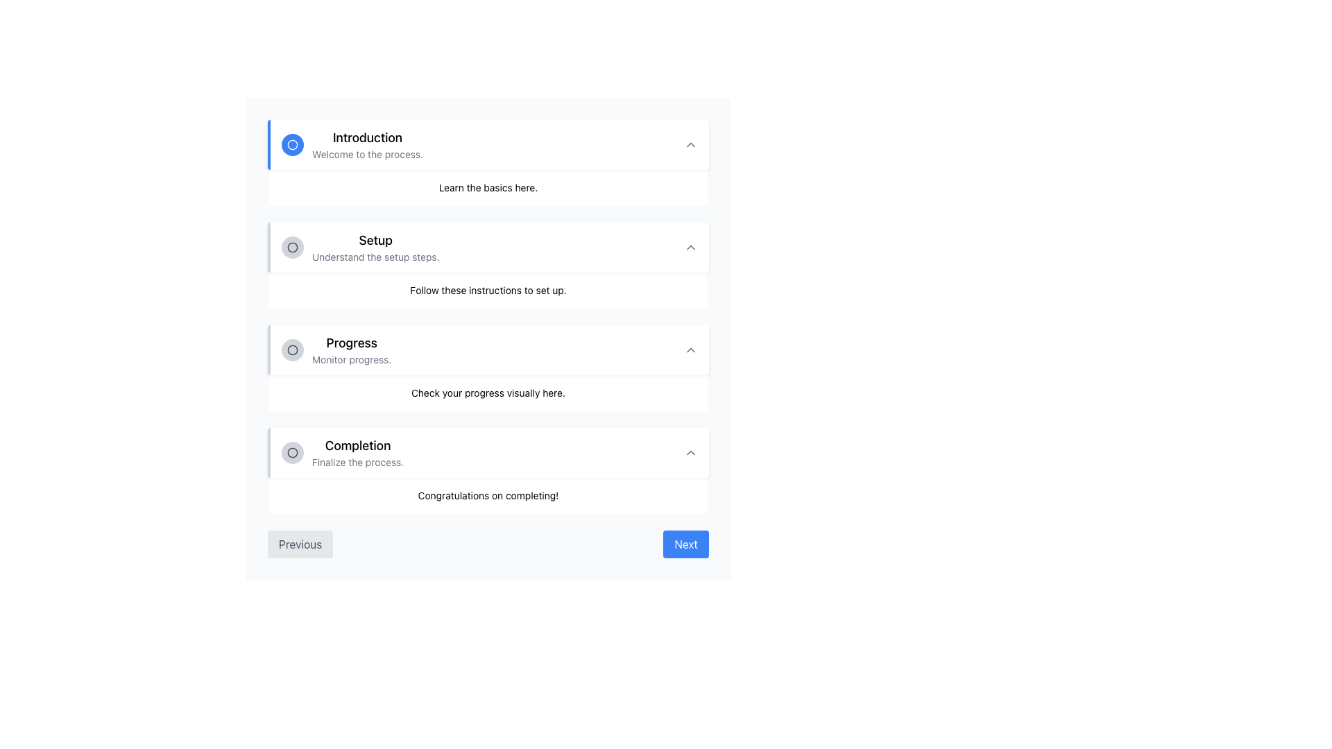 This screenshot has width=1332, height=749. I want to click on the circular icon with a blue background and white outline, located next to the 'Introduction' step at the top of the list, so click(292, 144).